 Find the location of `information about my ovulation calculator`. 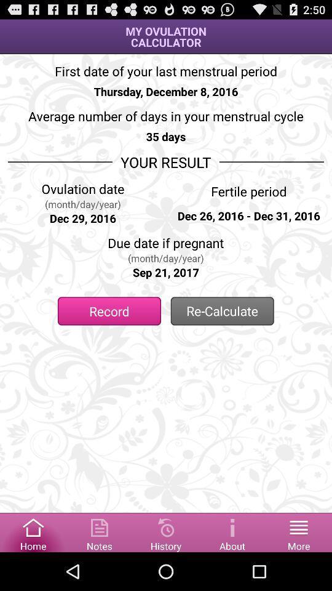

information about my ovulation calculator is located at coordinates (232, 531).